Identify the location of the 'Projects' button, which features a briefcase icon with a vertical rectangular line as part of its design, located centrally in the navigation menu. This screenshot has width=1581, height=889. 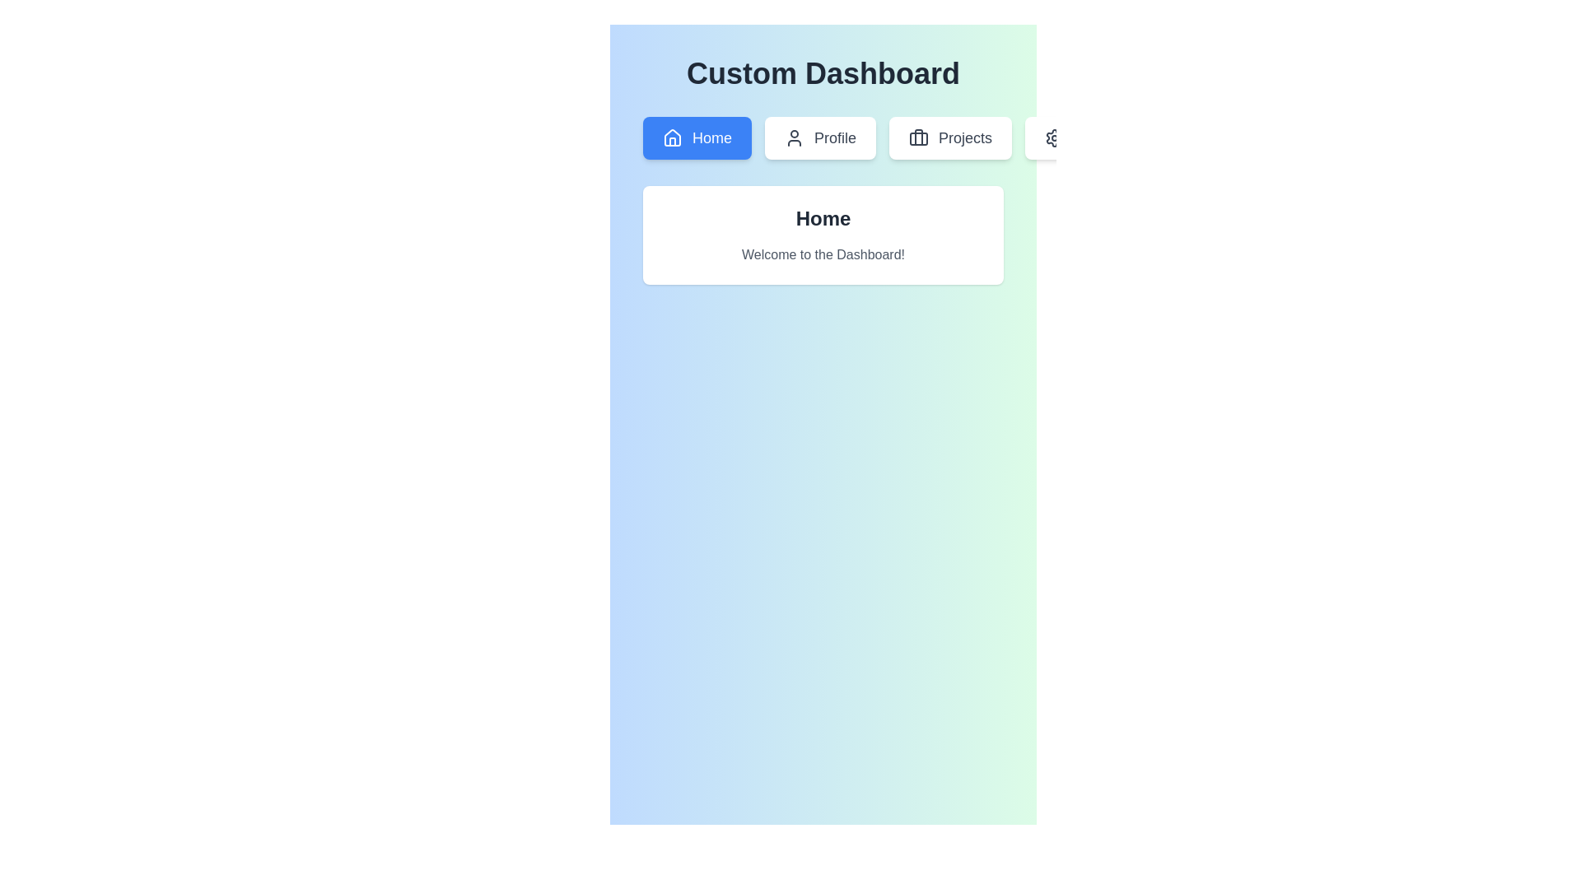
(918, 136).